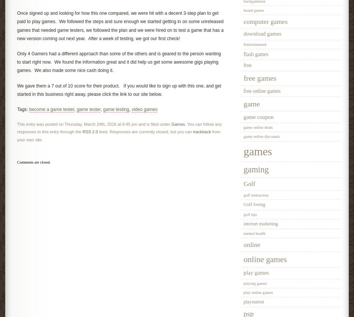 This screenshot has height=317, width=354. Describe the element at coordinates (255, 44) in the screenshot. I see `'Entertainment'` at that location.